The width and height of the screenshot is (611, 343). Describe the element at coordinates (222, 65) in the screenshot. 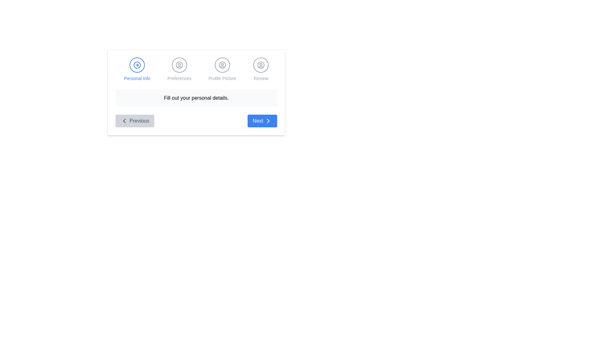

I see `the 'Profile Picture' icon in the navigation step header` at that location.